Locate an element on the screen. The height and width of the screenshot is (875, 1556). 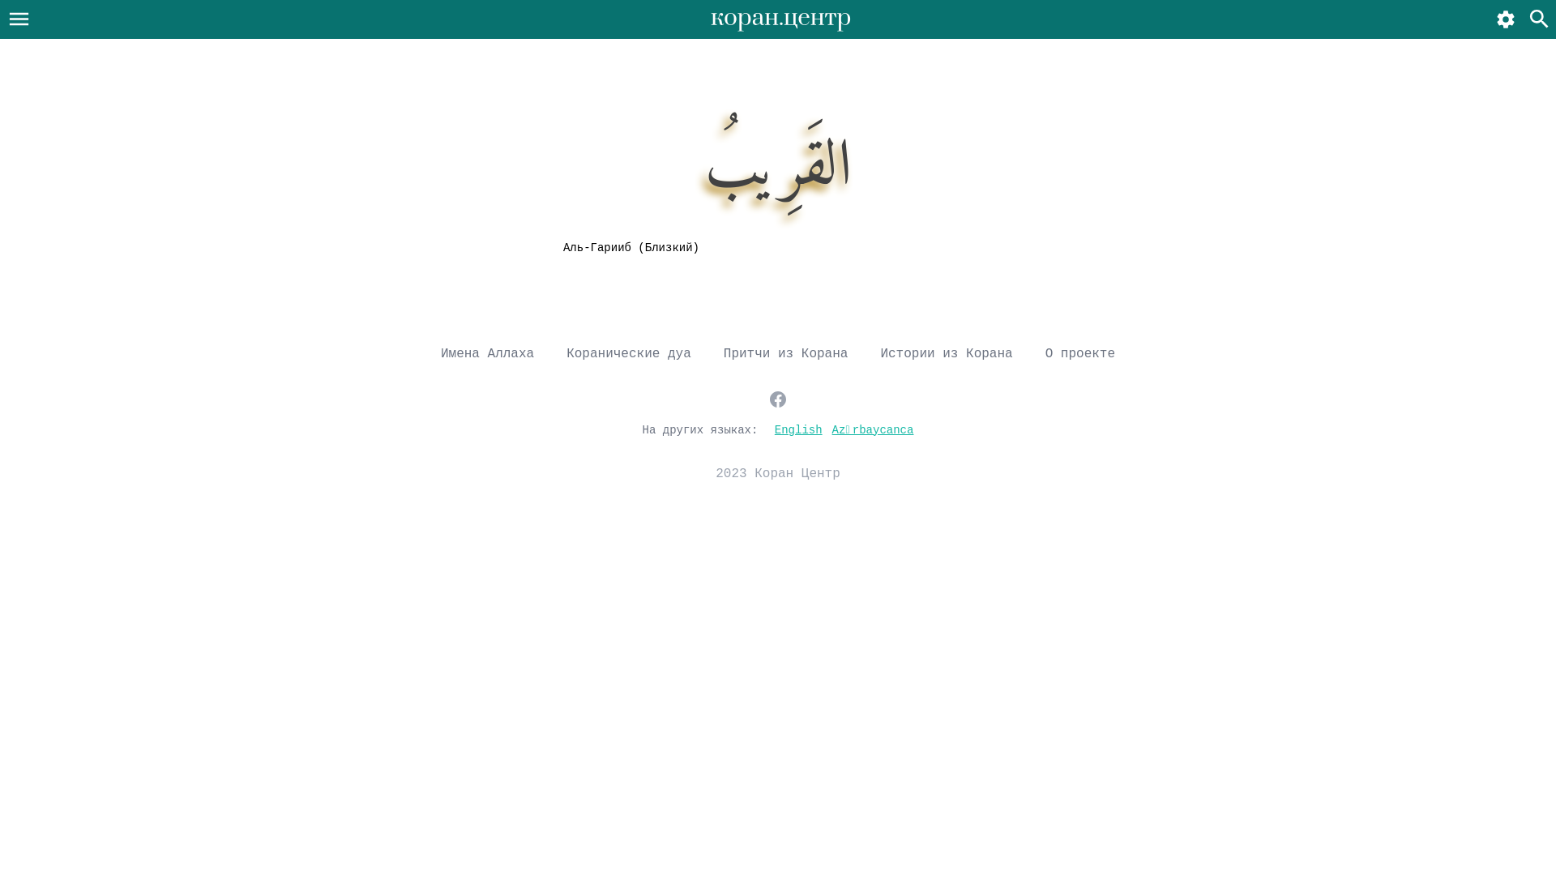
'English' is located at coordinates (798, 428).